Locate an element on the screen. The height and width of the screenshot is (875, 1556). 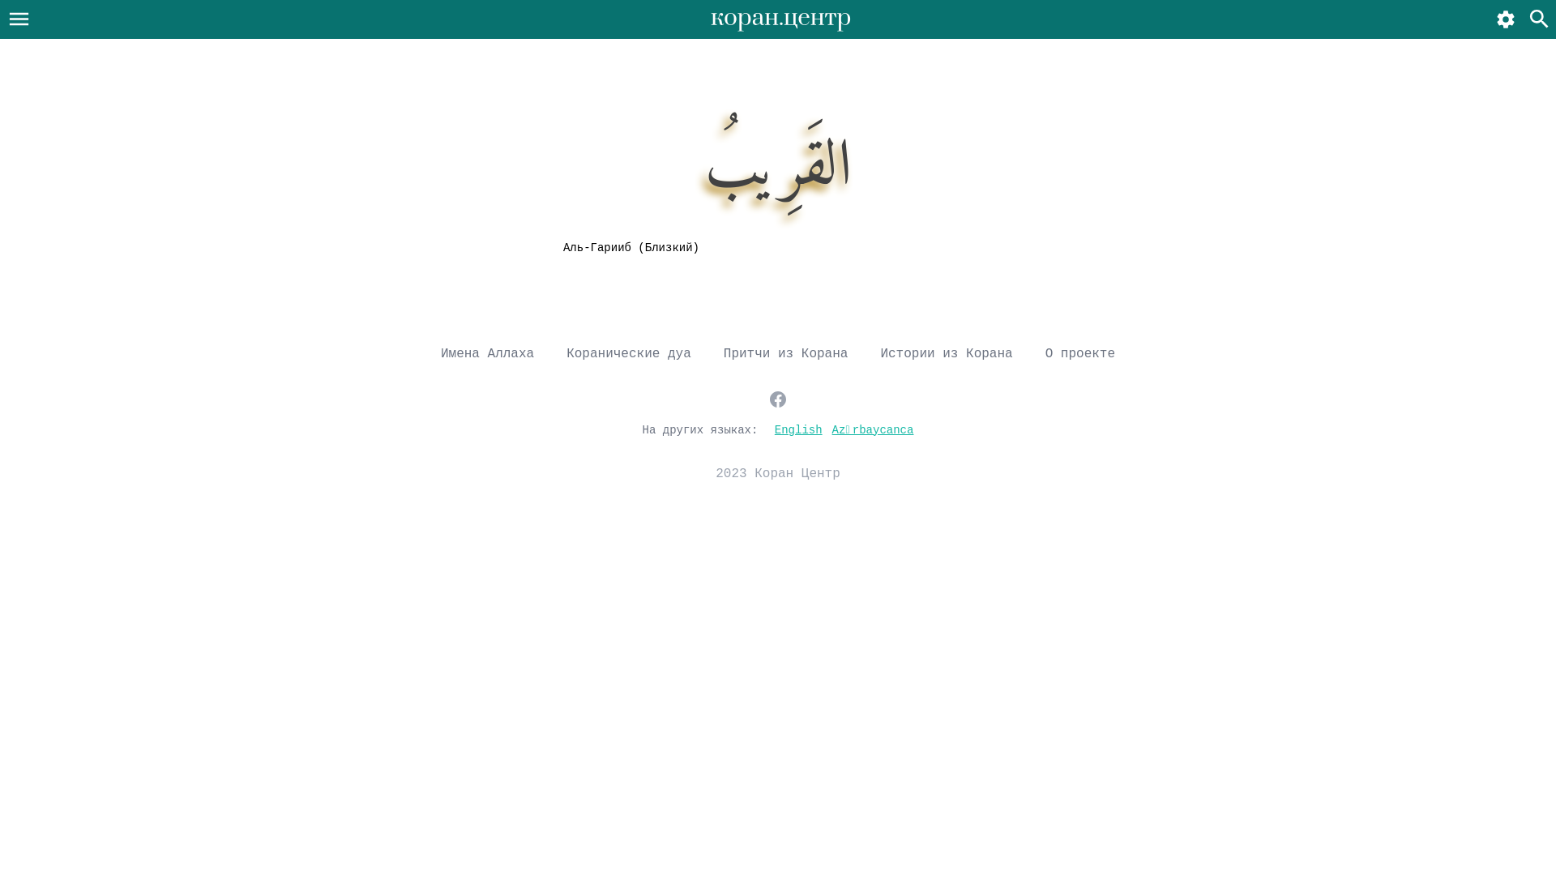
'English' is located at coordinates (798, 428).